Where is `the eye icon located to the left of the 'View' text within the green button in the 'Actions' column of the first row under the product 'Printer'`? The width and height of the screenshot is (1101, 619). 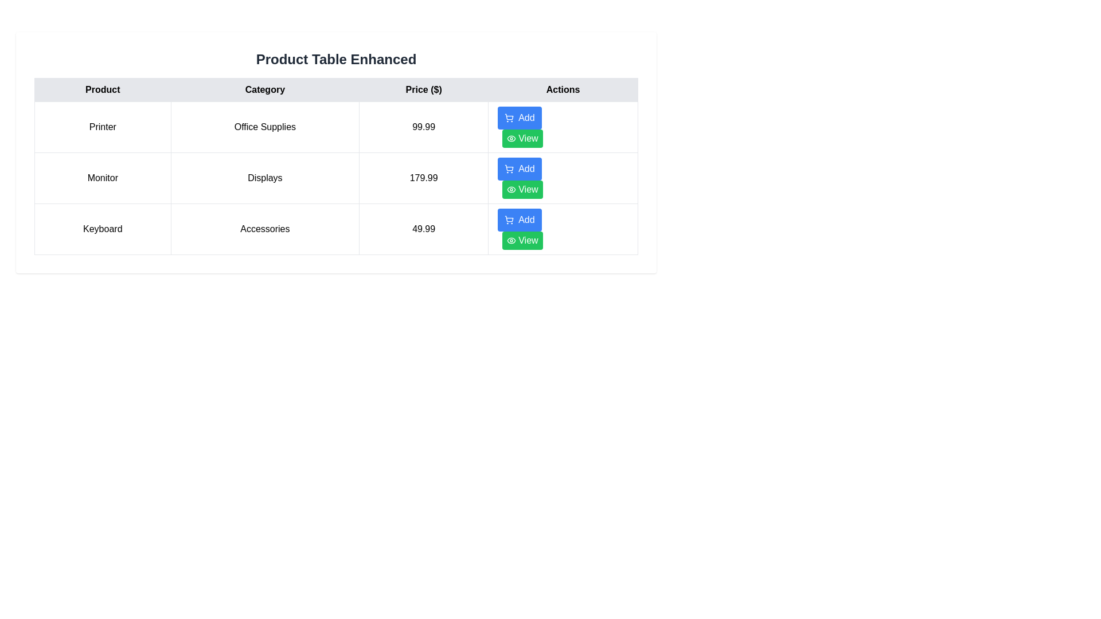
the eye icon located to the left of the 'View' text within the green button in the 'Actions' column of the first row under the product 'Printer' is located at coordinates (511, 138).